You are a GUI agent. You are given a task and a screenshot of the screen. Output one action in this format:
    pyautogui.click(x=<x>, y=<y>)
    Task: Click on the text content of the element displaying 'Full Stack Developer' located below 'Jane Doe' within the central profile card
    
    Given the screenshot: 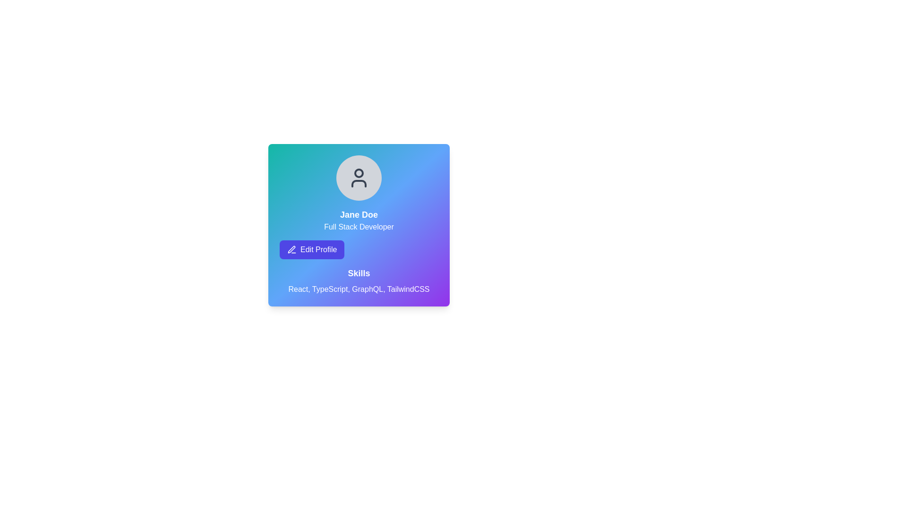 What is the action you would take?
    pyautogui.click(x=358, y=227)
    